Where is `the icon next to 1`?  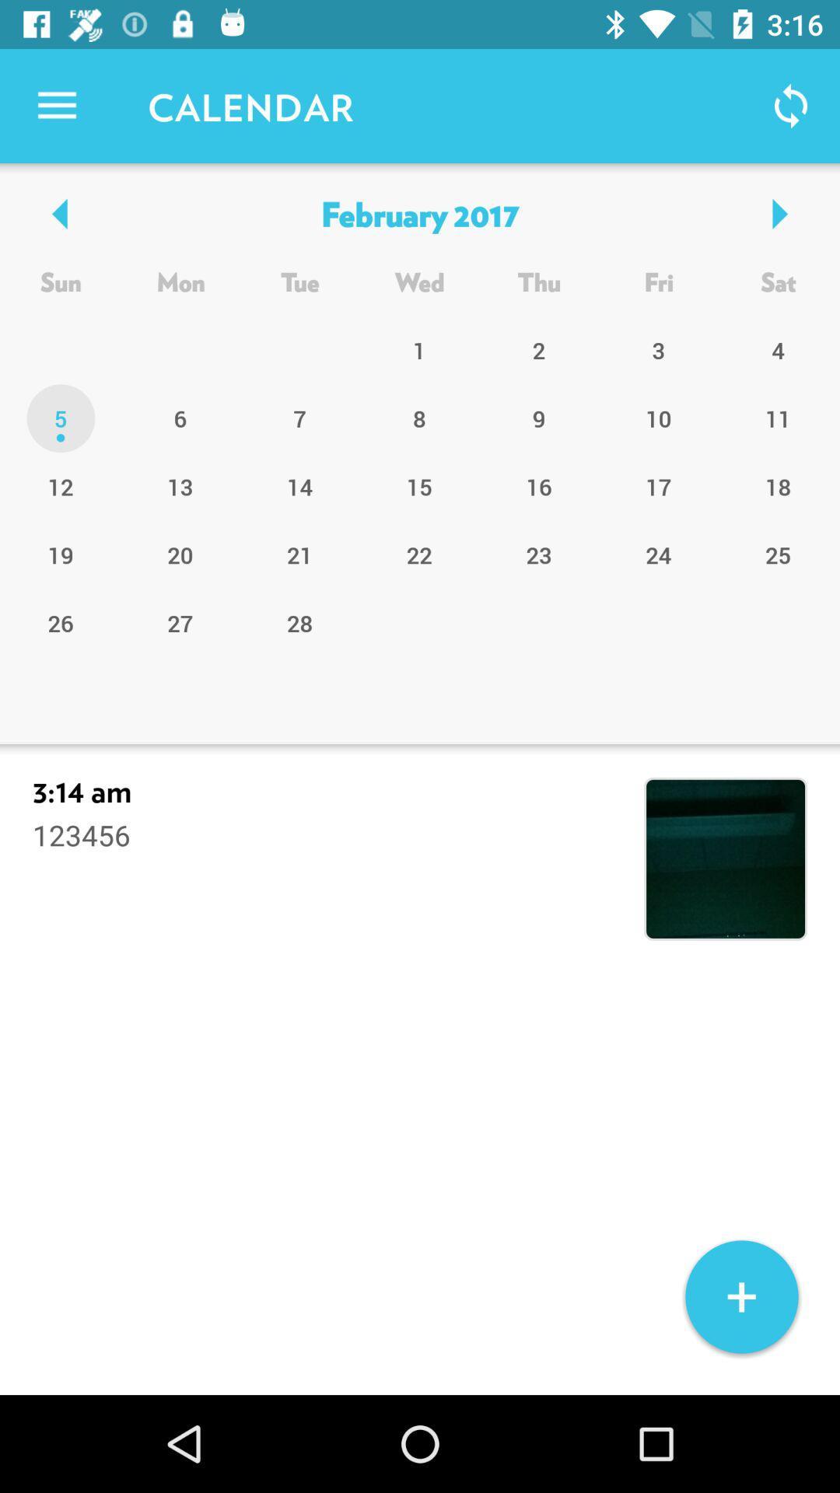 the icon next to 1 is located at coordinates (538, 418).